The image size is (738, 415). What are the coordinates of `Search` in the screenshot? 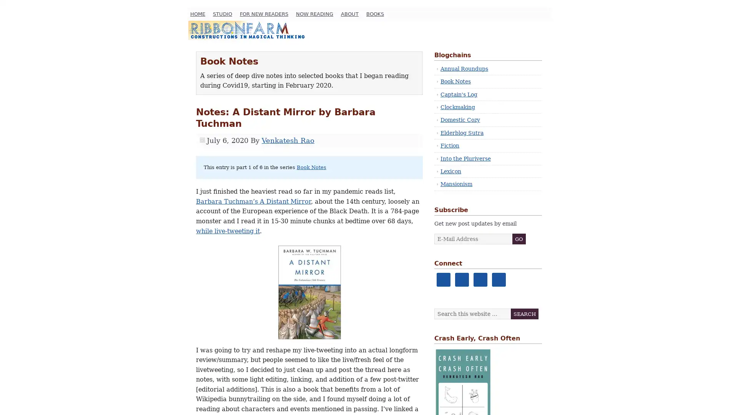 It's located at (524, 314).